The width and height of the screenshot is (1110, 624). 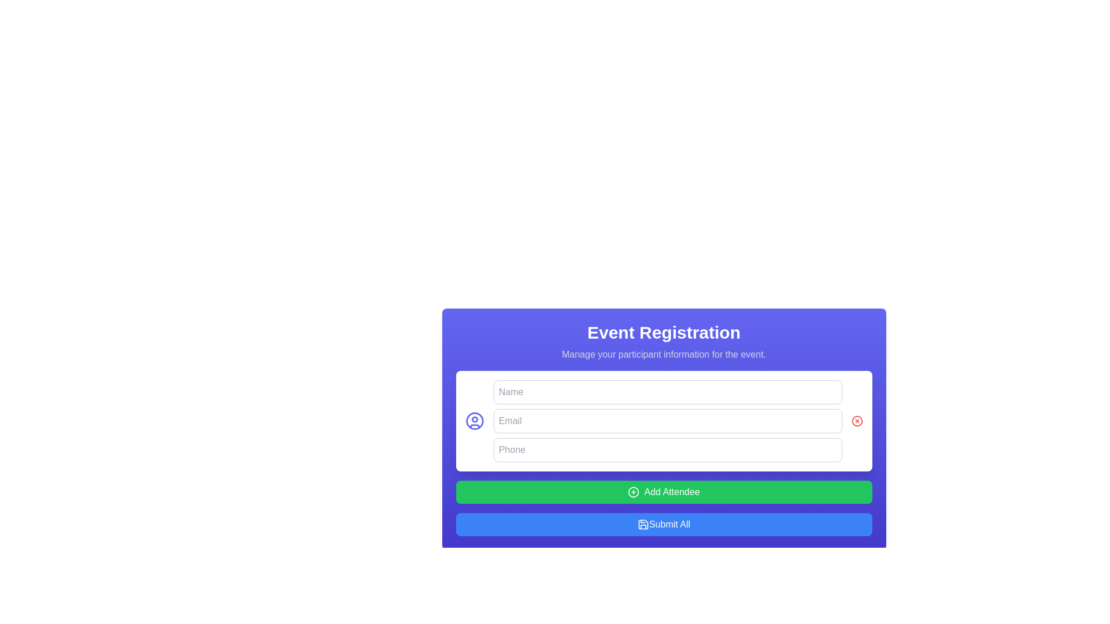 I want to click on the heading element displaying the title 'Event Registration', which is a large, bold text in white color against a blue background, so click(x=664, y=332).